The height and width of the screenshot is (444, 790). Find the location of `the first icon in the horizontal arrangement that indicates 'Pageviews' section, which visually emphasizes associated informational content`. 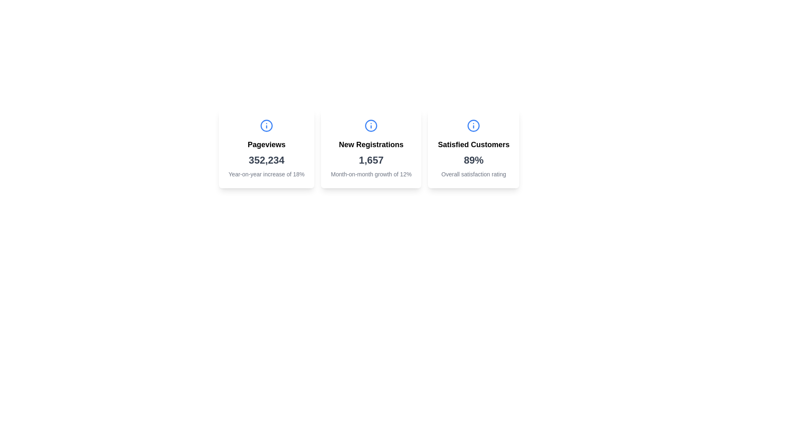

the first icon in the horizontal arrangement that indicates 'Pageviews' section, which visually emphasizes associated informational content is located at coordinates (267, 125).